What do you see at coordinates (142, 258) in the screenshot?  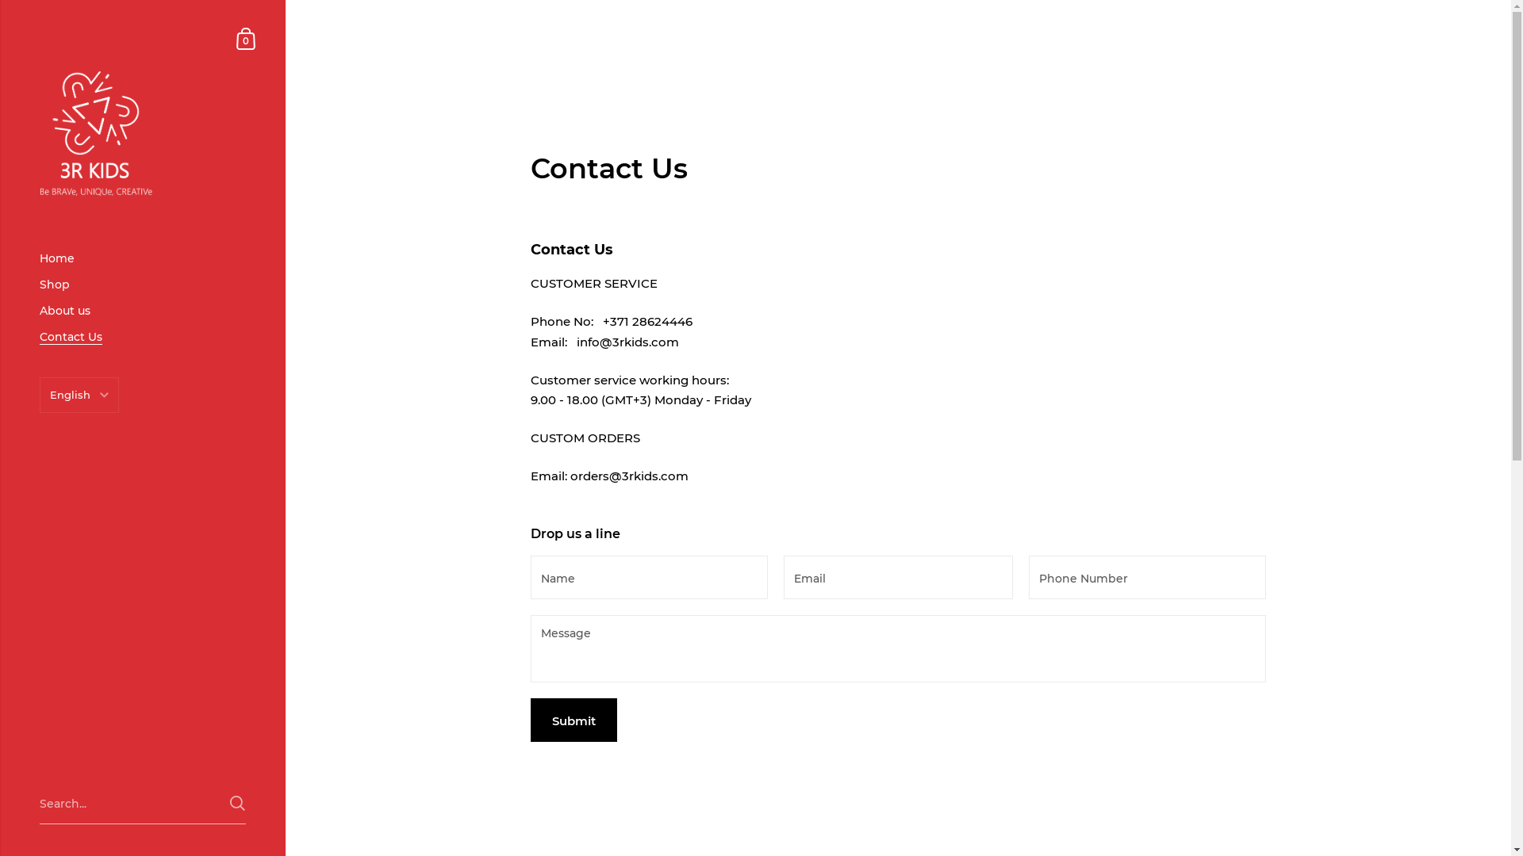 I see `'Home'` at bounding box center [142, 258].